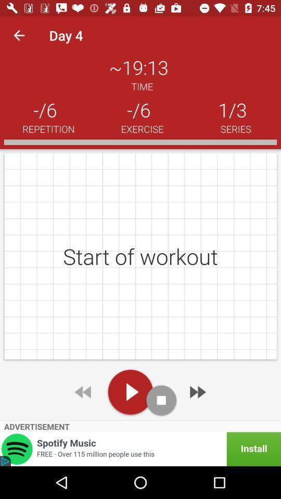 This screenshot has width=281, height=499. I want to click on stop the workout, so click(161, 400).